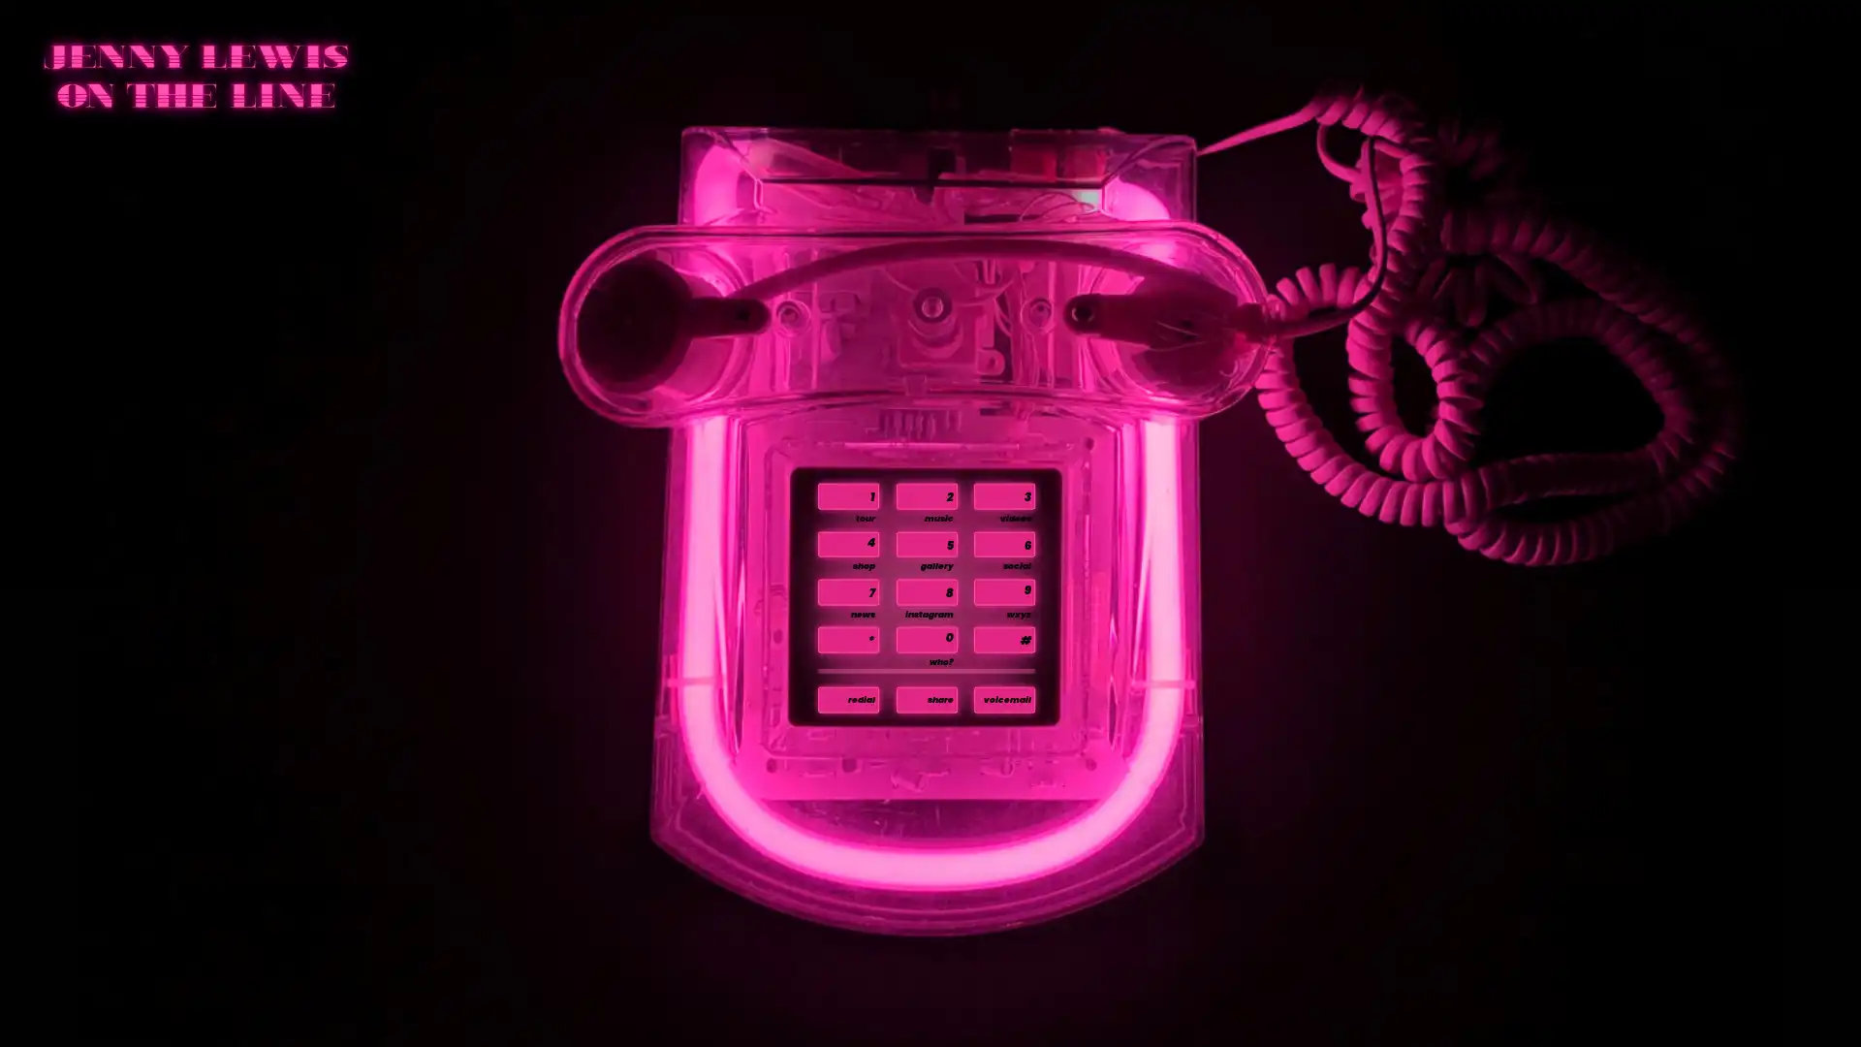  Describe the element at coordinates (1003, 544) in the screenshot. I see `6 social` at that location.